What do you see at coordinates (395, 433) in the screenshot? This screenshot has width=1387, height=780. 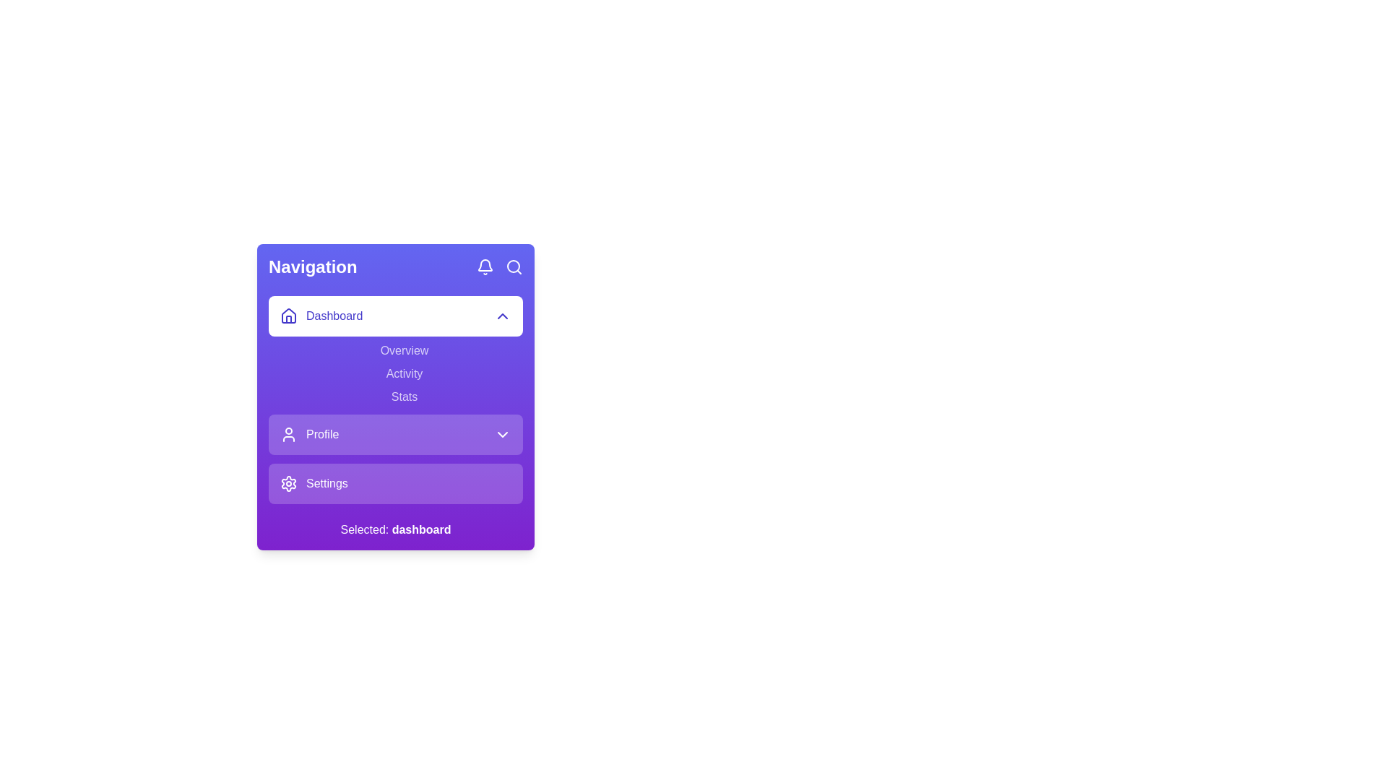 I see `the navigation item labeled 'Profile' located in the sidebar, positioned between 'Stats' and 'Settings'` at bounding box center [395, 433].